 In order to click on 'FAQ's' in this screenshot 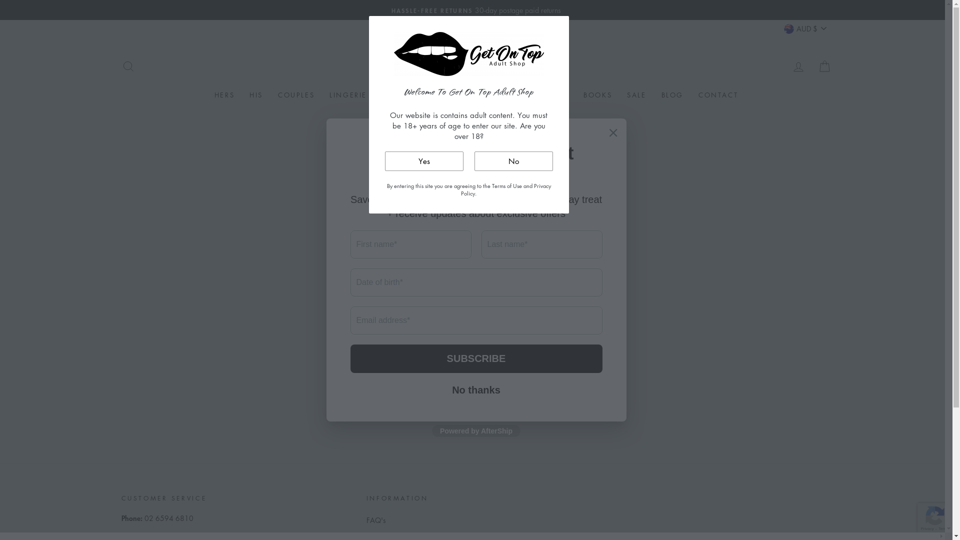, I will do `click(375, 519)`.